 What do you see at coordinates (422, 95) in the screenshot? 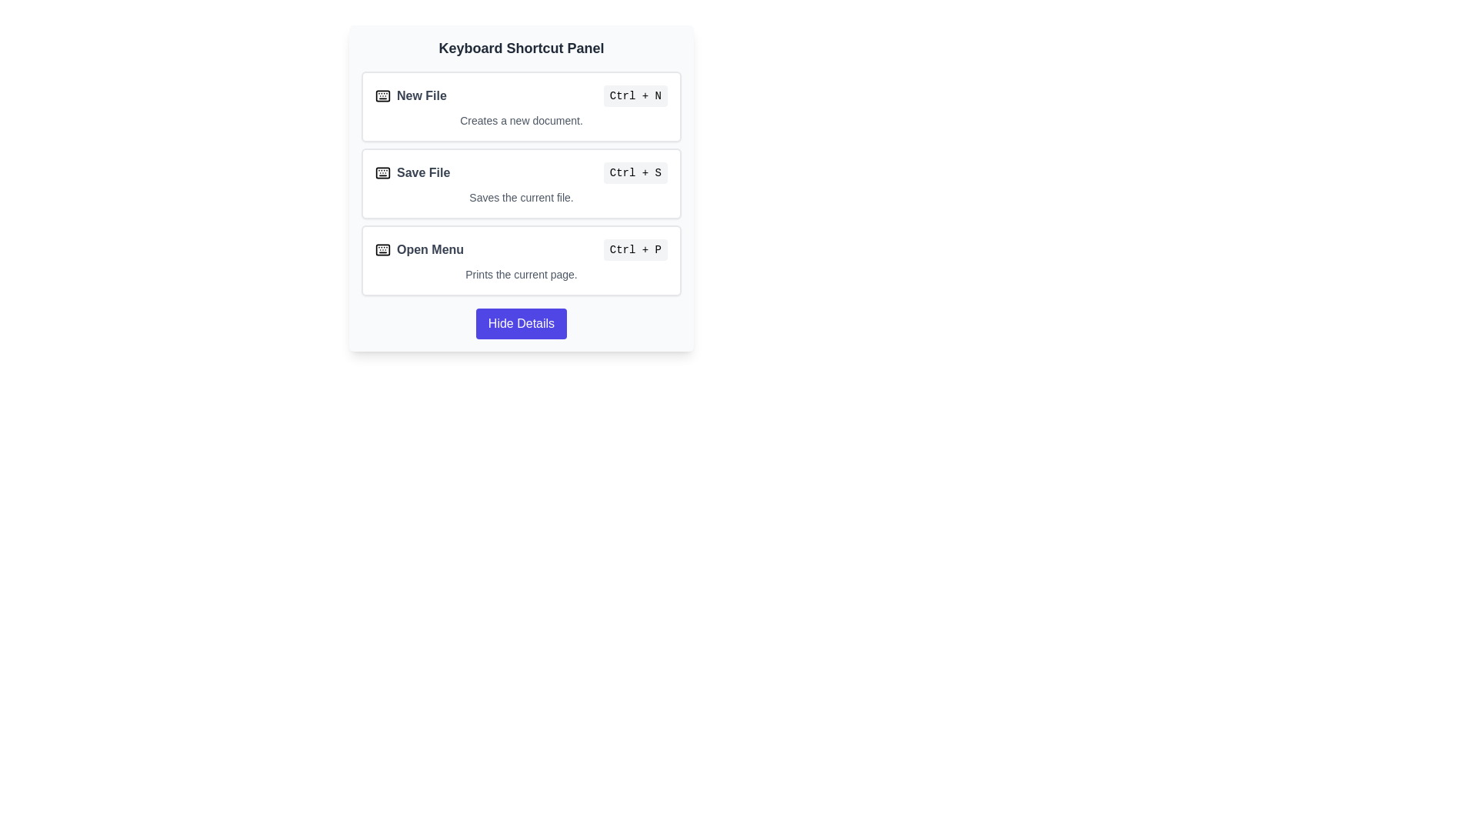
I see `the 'New File' text label, which indicates the keyboard shortcut and is located in the first row of the shortcuts list next to a keyboard icon` at bounding box center [422, 95].